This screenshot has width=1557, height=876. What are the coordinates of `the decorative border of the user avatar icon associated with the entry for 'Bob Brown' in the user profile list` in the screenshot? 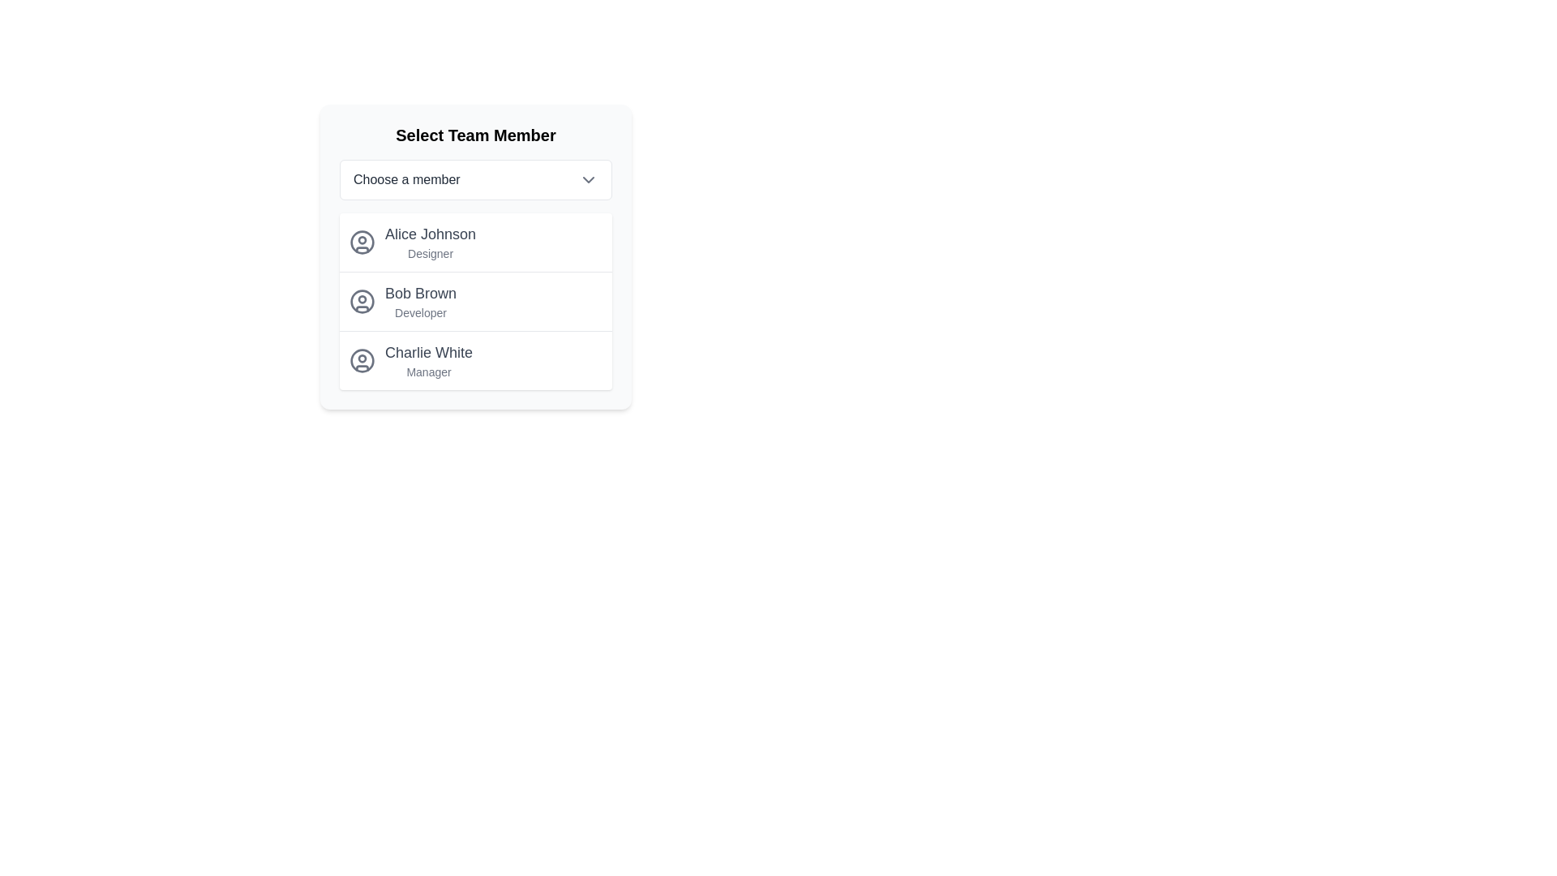 It's located at (361, 301).